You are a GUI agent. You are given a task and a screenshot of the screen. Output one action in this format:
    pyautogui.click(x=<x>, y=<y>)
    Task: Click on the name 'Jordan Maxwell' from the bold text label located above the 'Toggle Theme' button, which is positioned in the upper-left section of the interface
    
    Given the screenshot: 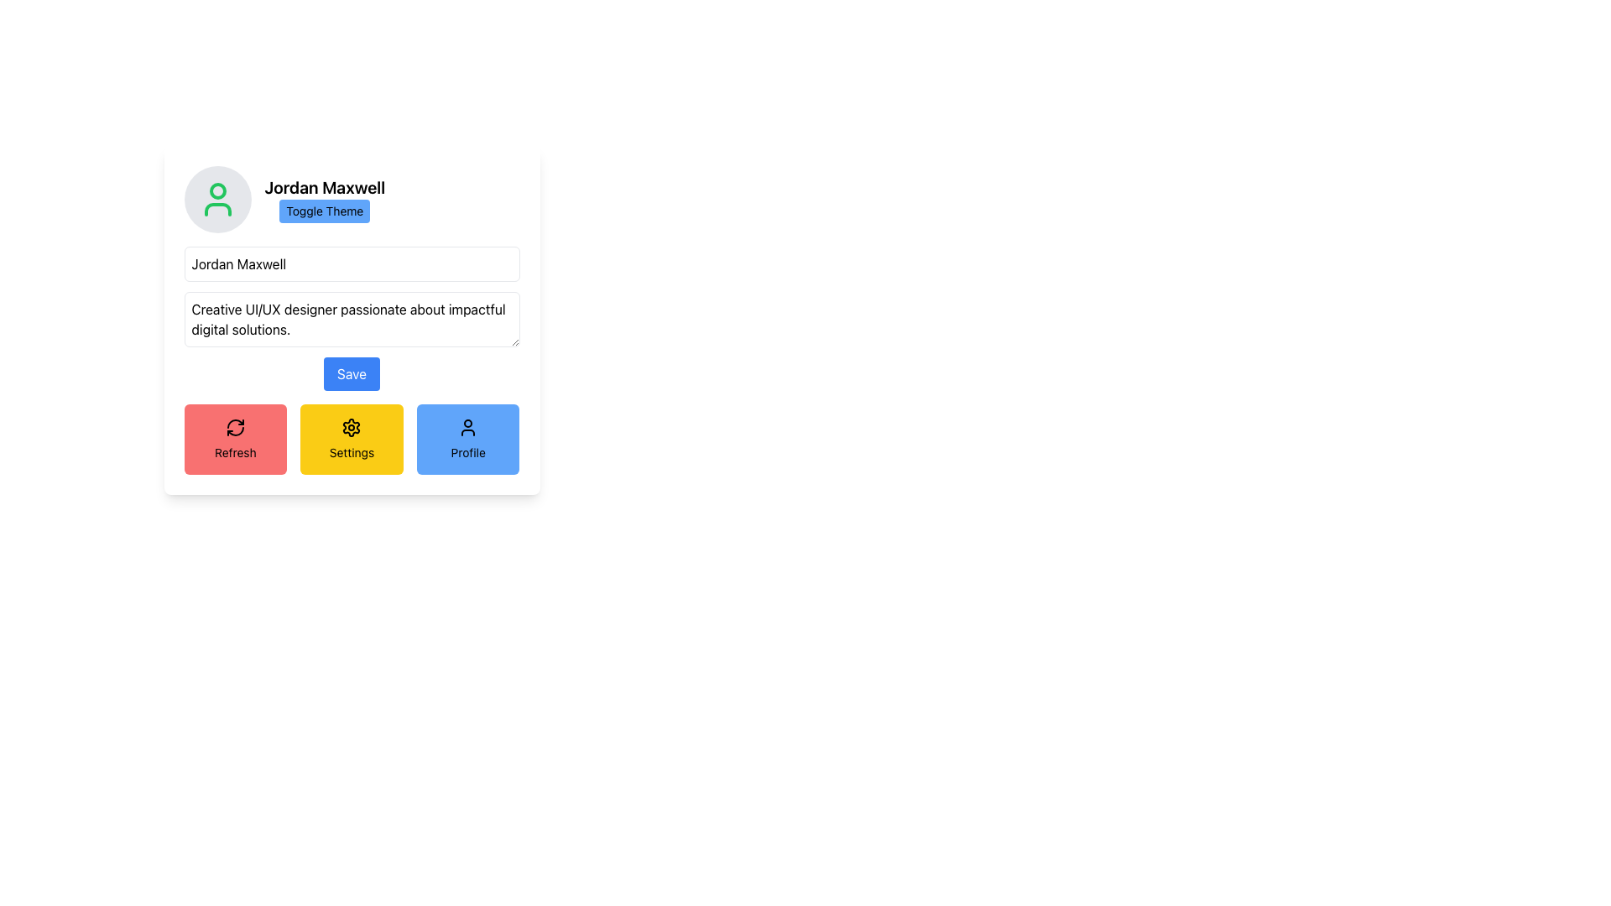 What is the action you would take?
    pyautogui.click(x=325, y=187)
    